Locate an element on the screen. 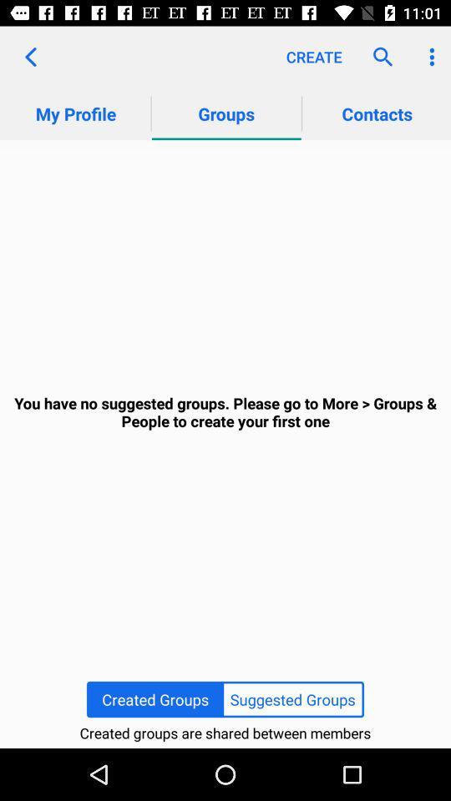  the item next to the create is located at coordinates (378, 57).